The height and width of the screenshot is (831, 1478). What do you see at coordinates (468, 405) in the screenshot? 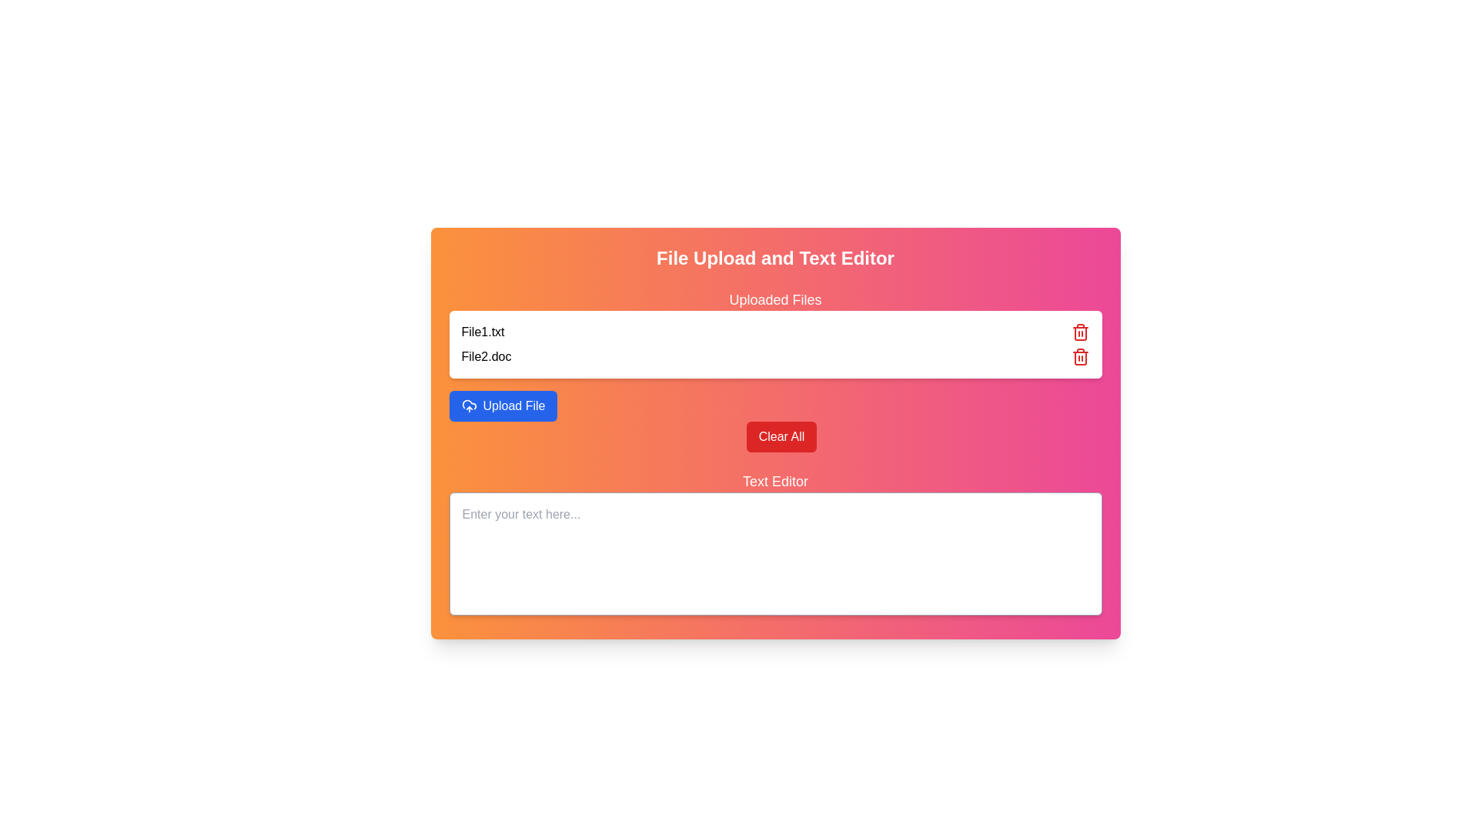
I see `the cloud icon with an upward-pointing arrow inside it, located on the left side of the blue 'Upload File' button` at bounding box center [468, 405].